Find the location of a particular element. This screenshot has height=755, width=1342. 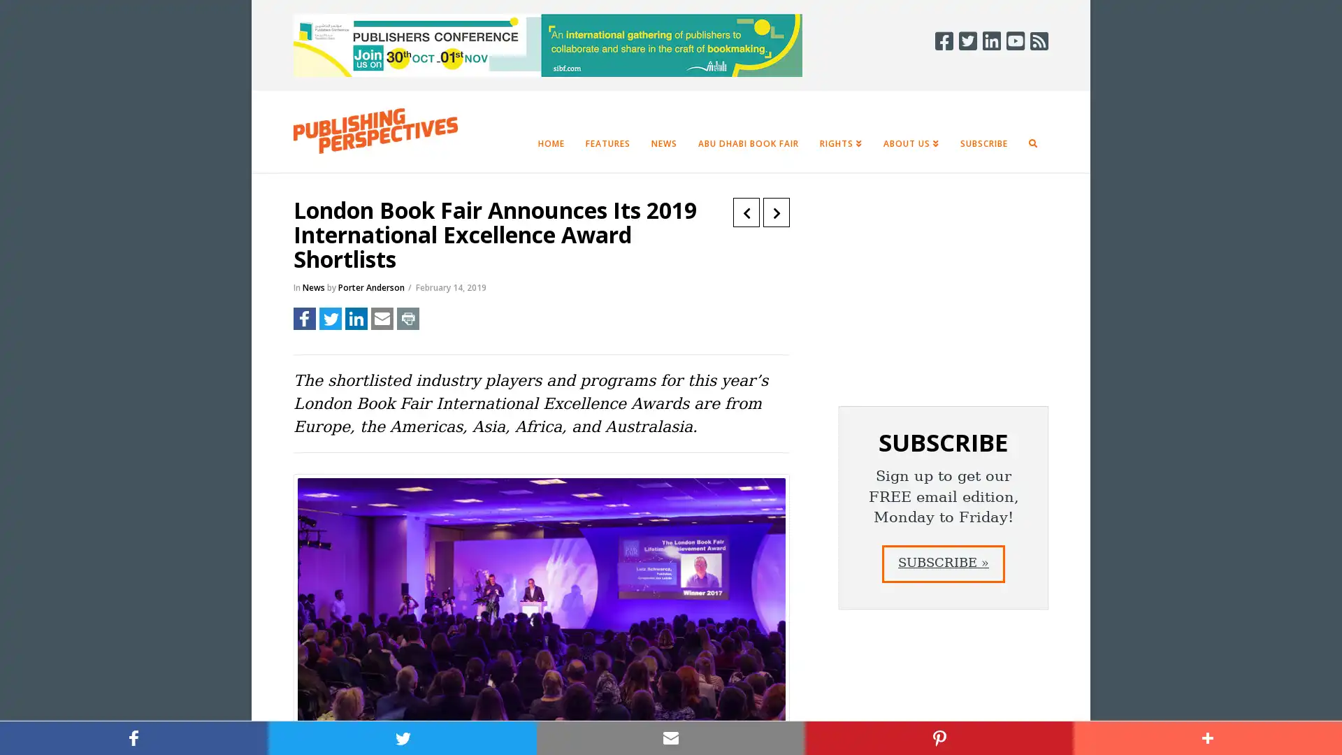

Share to Twitter is located at coordinates (330, 318).